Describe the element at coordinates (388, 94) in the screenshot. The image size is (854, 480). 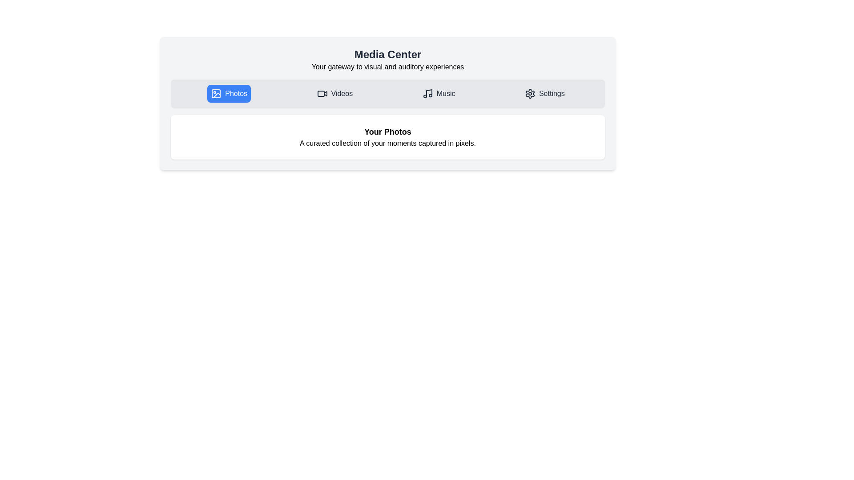
I see `the 'Music' button on the Navigation bar located in the Media Center` at that location.